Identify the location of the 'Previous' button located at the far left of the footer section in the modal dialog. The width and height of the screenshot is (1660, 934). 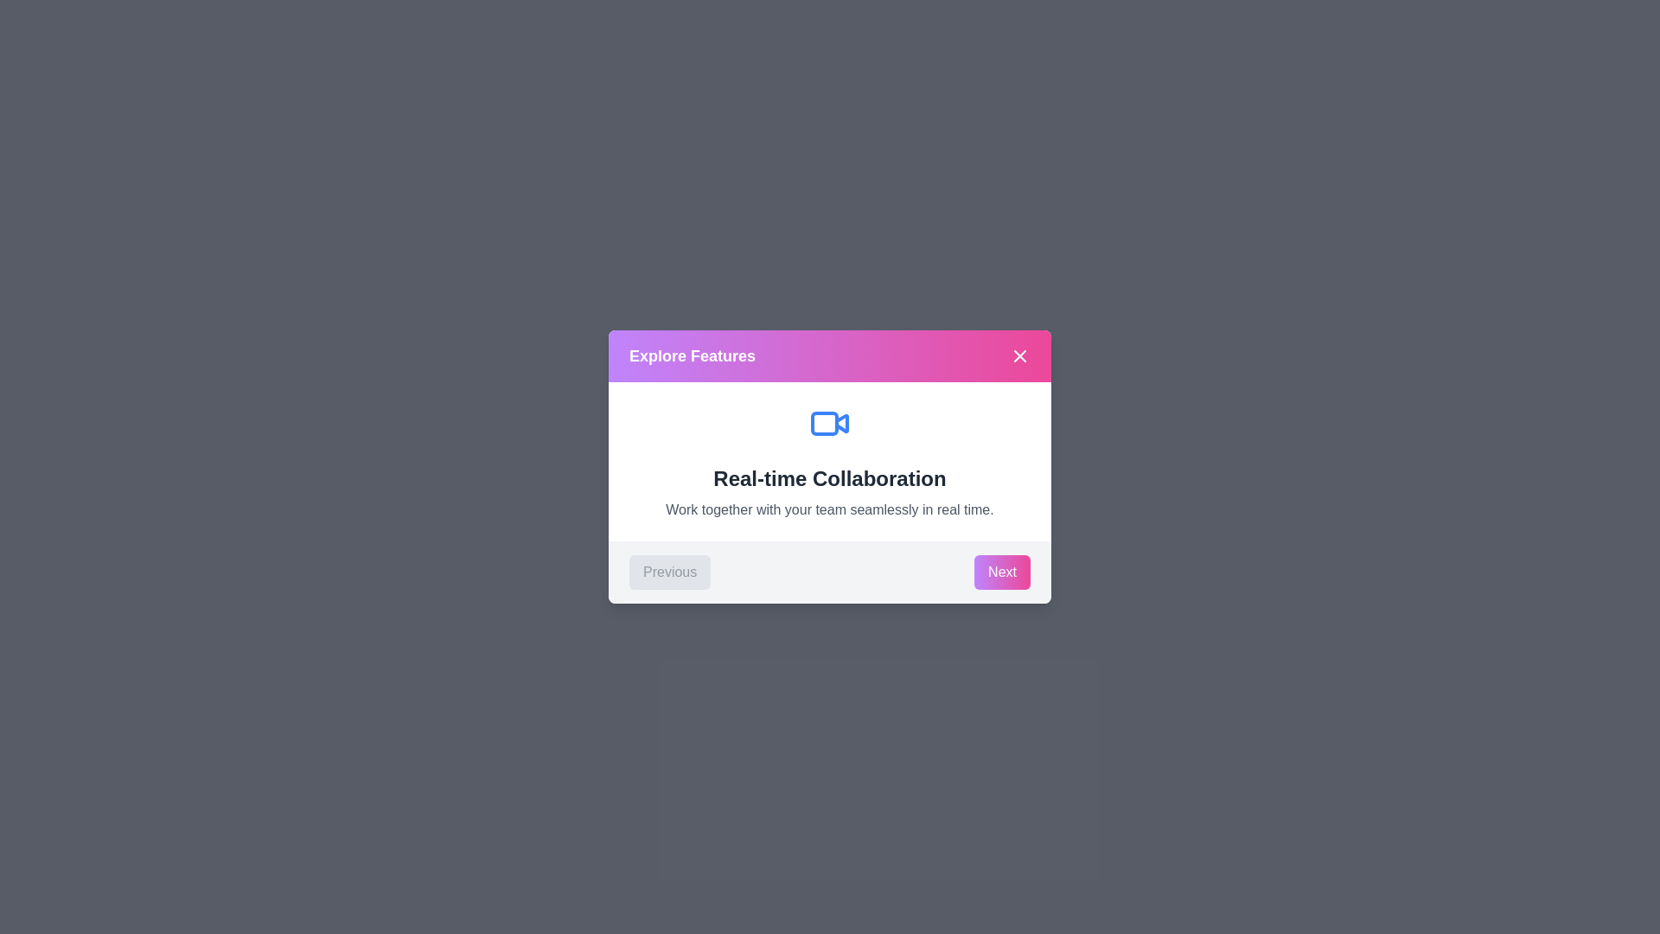
(668, 573).